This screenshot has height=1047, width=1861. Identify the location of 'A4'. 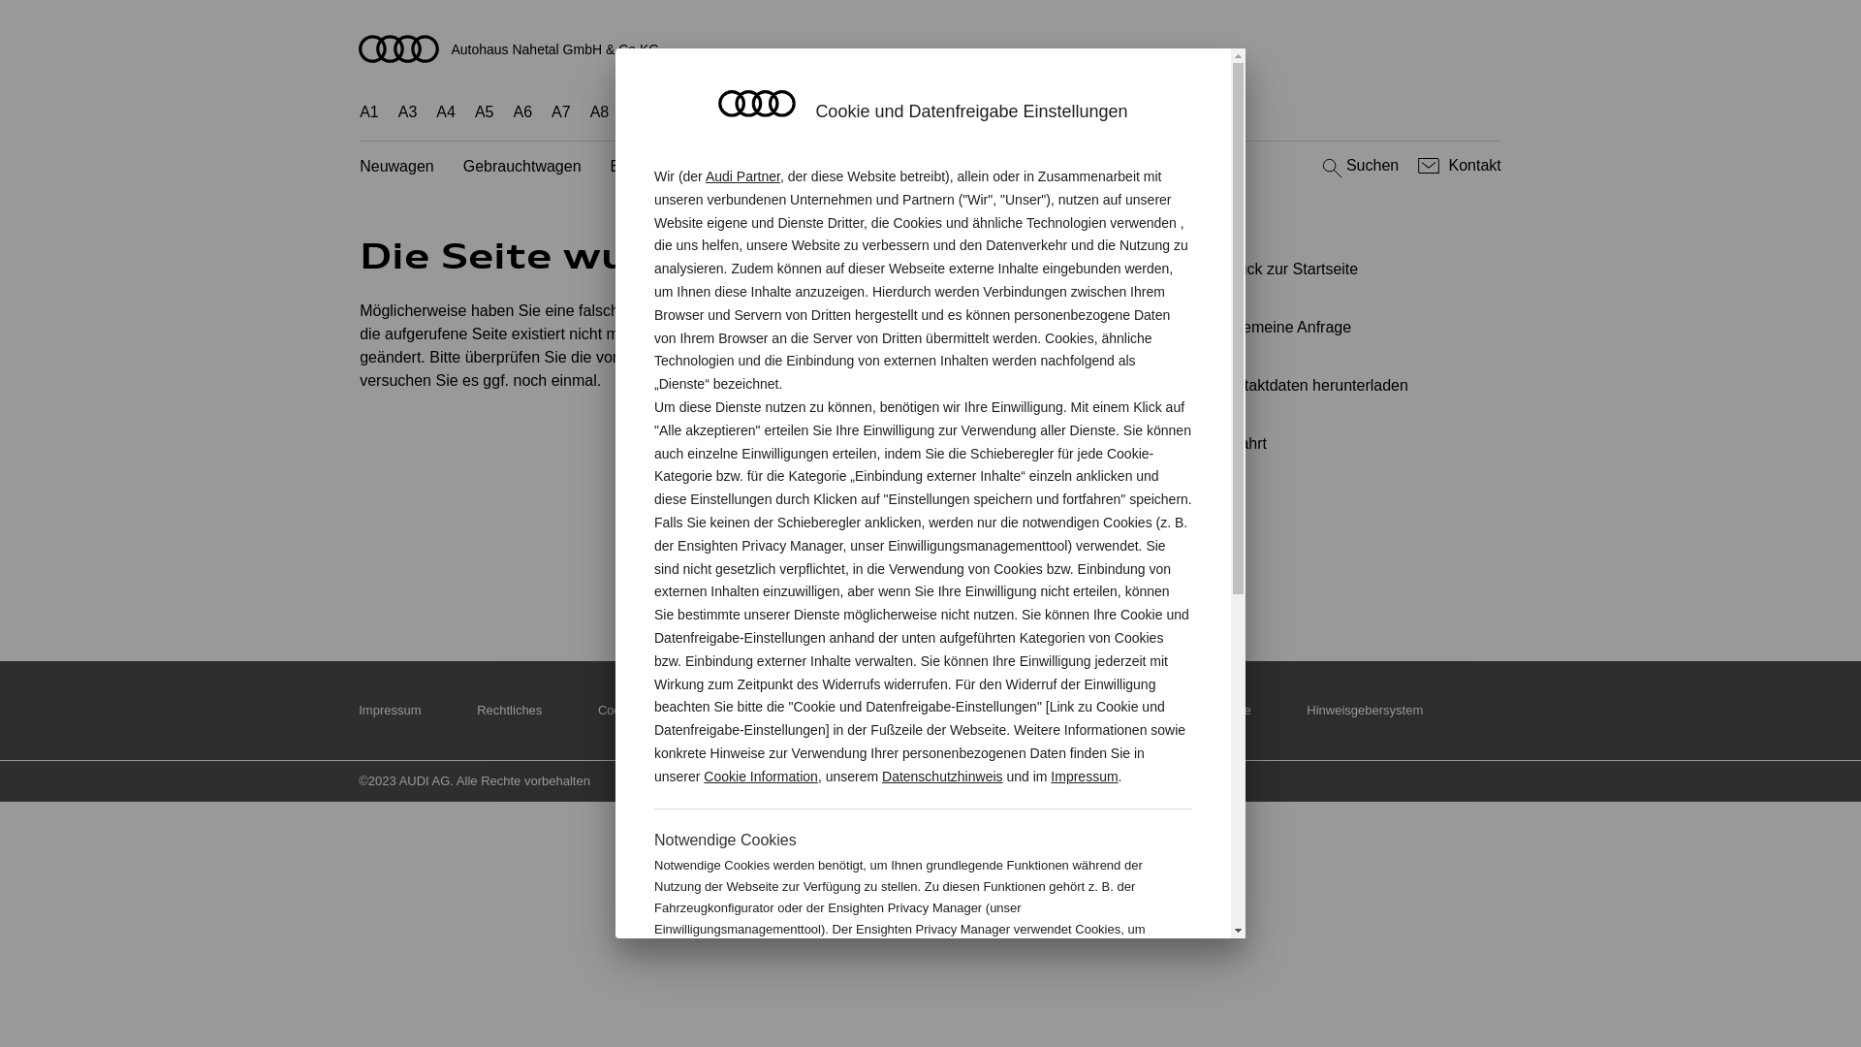
(435, 111).